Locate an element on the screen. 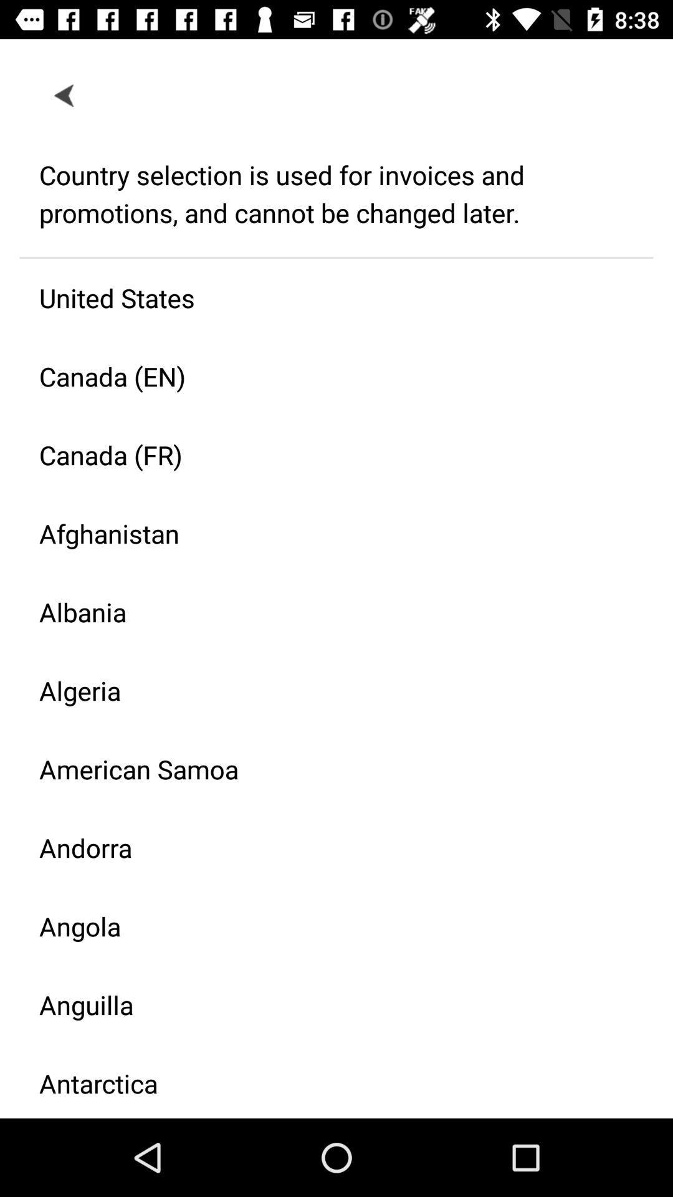 Image resolution: width=673 pixels, height=1197 pixels. the item above the canada (fr) item is located at coordinates (326, 375).